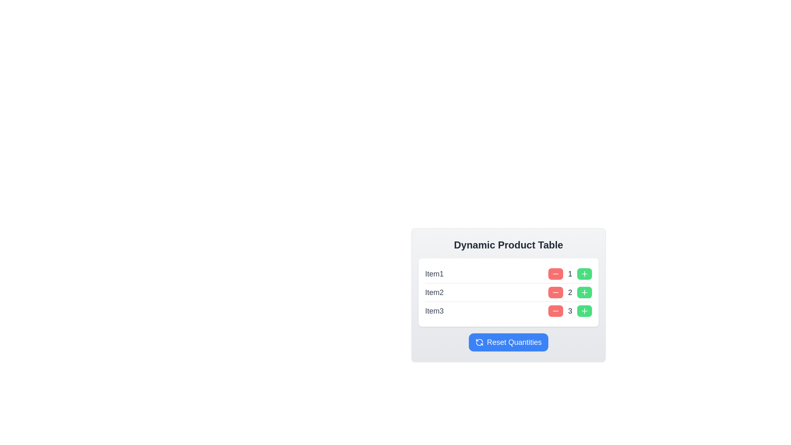 The image size is (791, 445). Describe the element at coordinates (584, 311) in the screenshot. I see `the increase count button located in the row for 'Item3' in the 'Dynamic Product Table', which is the third button in that row and positioned to the far right` at that location.